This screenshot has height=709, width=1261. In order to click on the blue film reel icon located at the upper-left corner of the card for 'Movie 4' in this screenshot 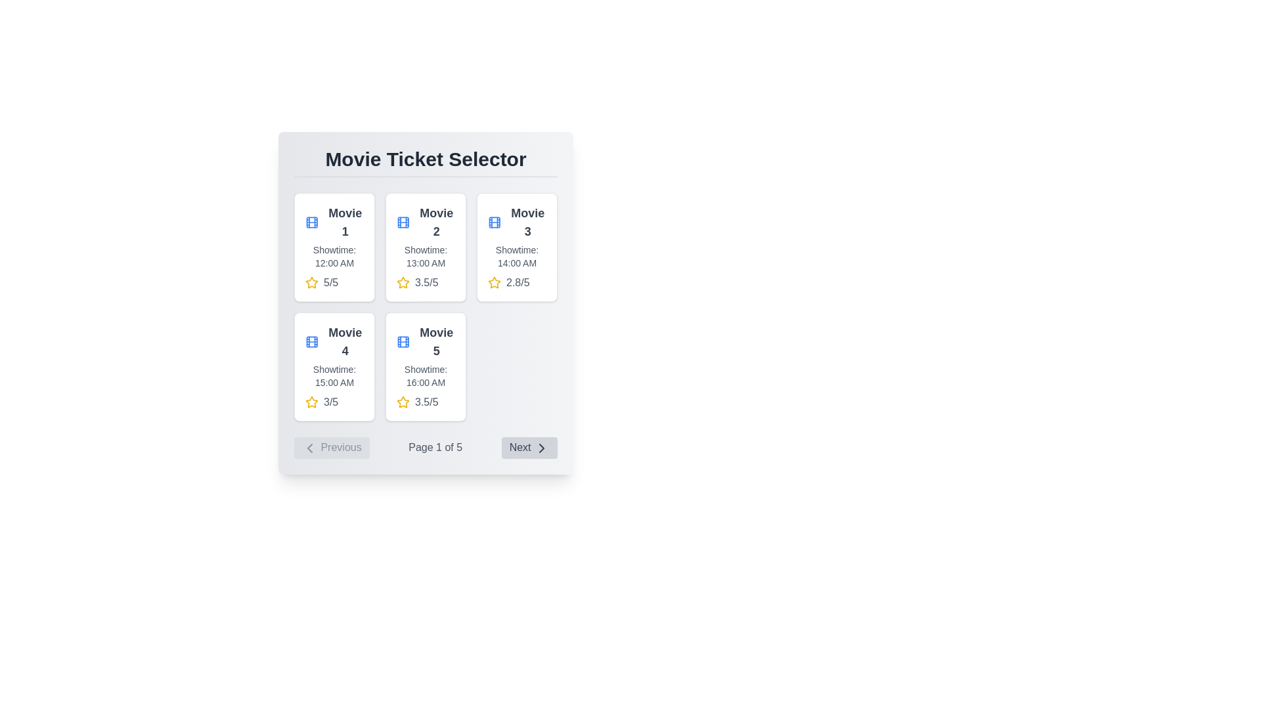, I will do `click(311, 341)`.